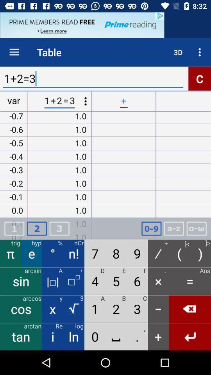 This screenshot has width=211, height=375. Describe the element at coordinates (59, 229) in the screenshot. I see `trey` at that location.